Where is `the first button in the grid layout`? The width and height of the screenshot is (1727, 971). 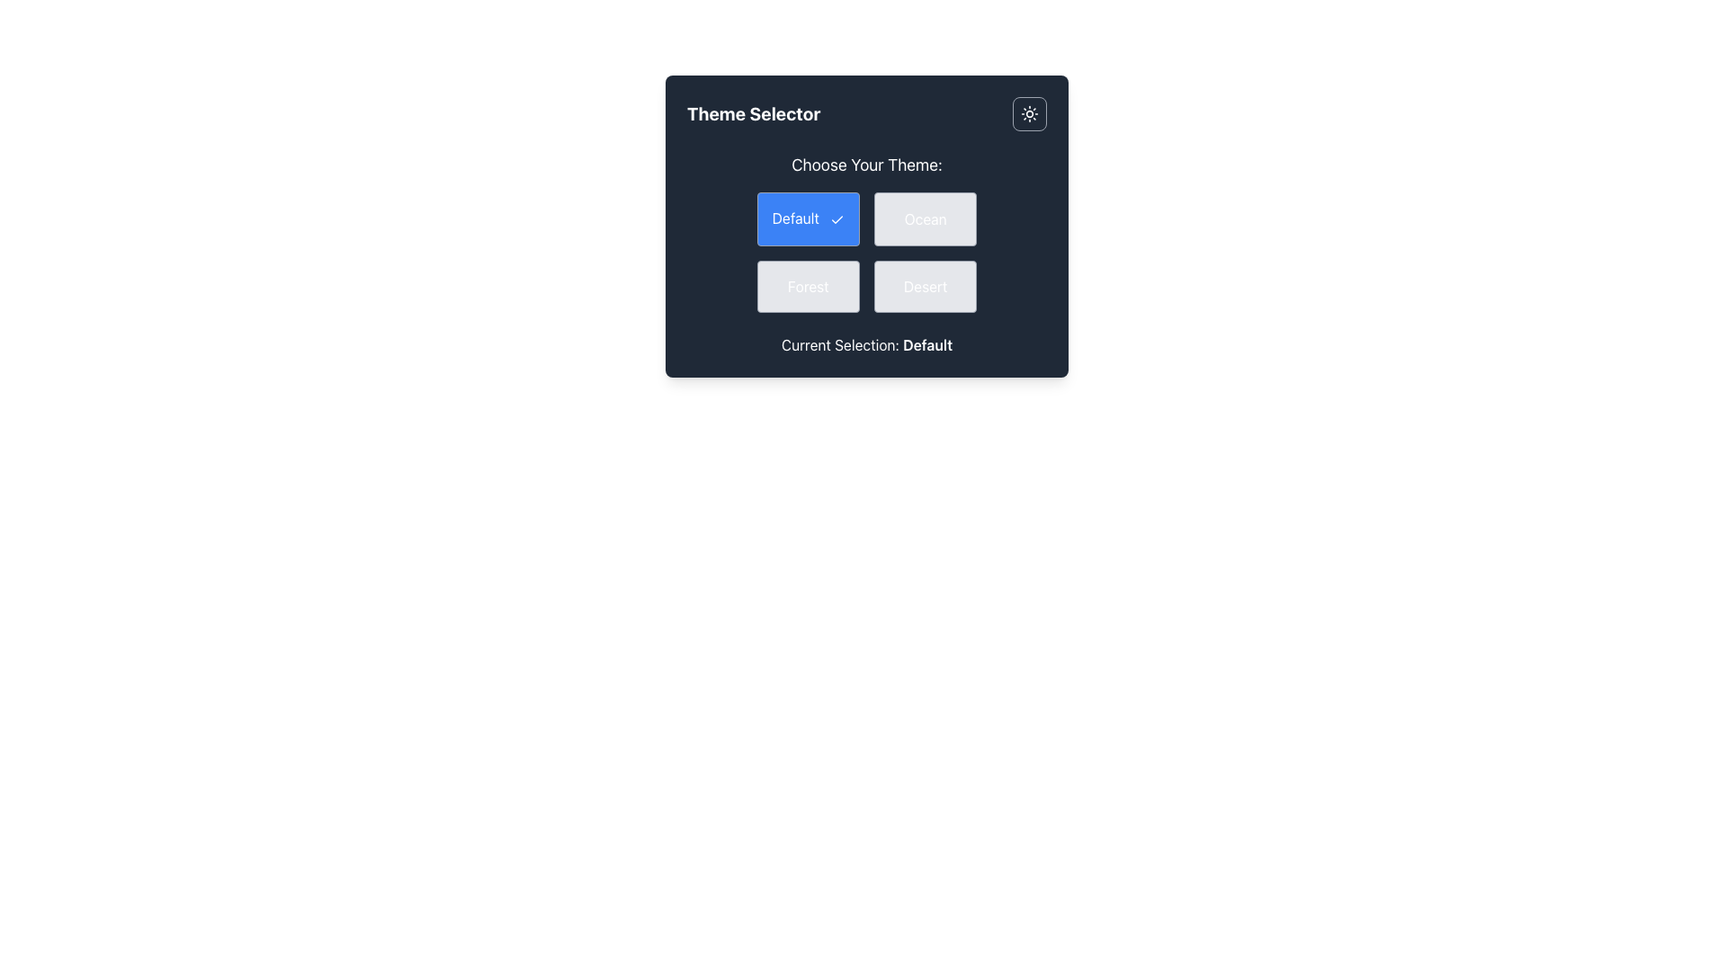 the first button in the grid layout is located at coordinates (807, 218).